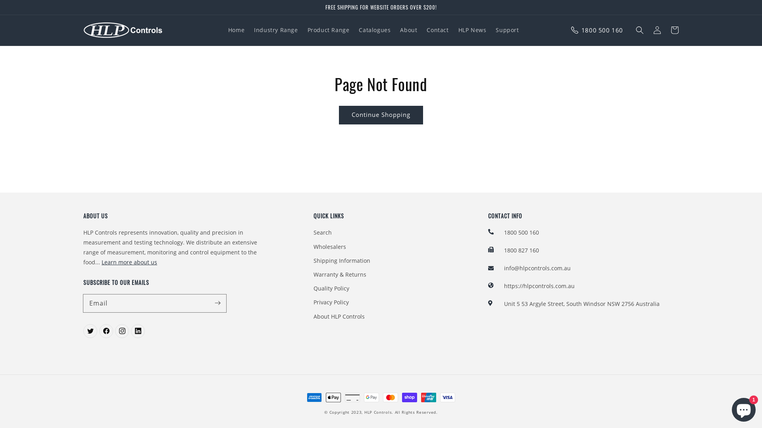  What do you see at coordinates (342, 260) in the screenshot?
I see `'Shipping Information'` at bounding box center [342, 260].